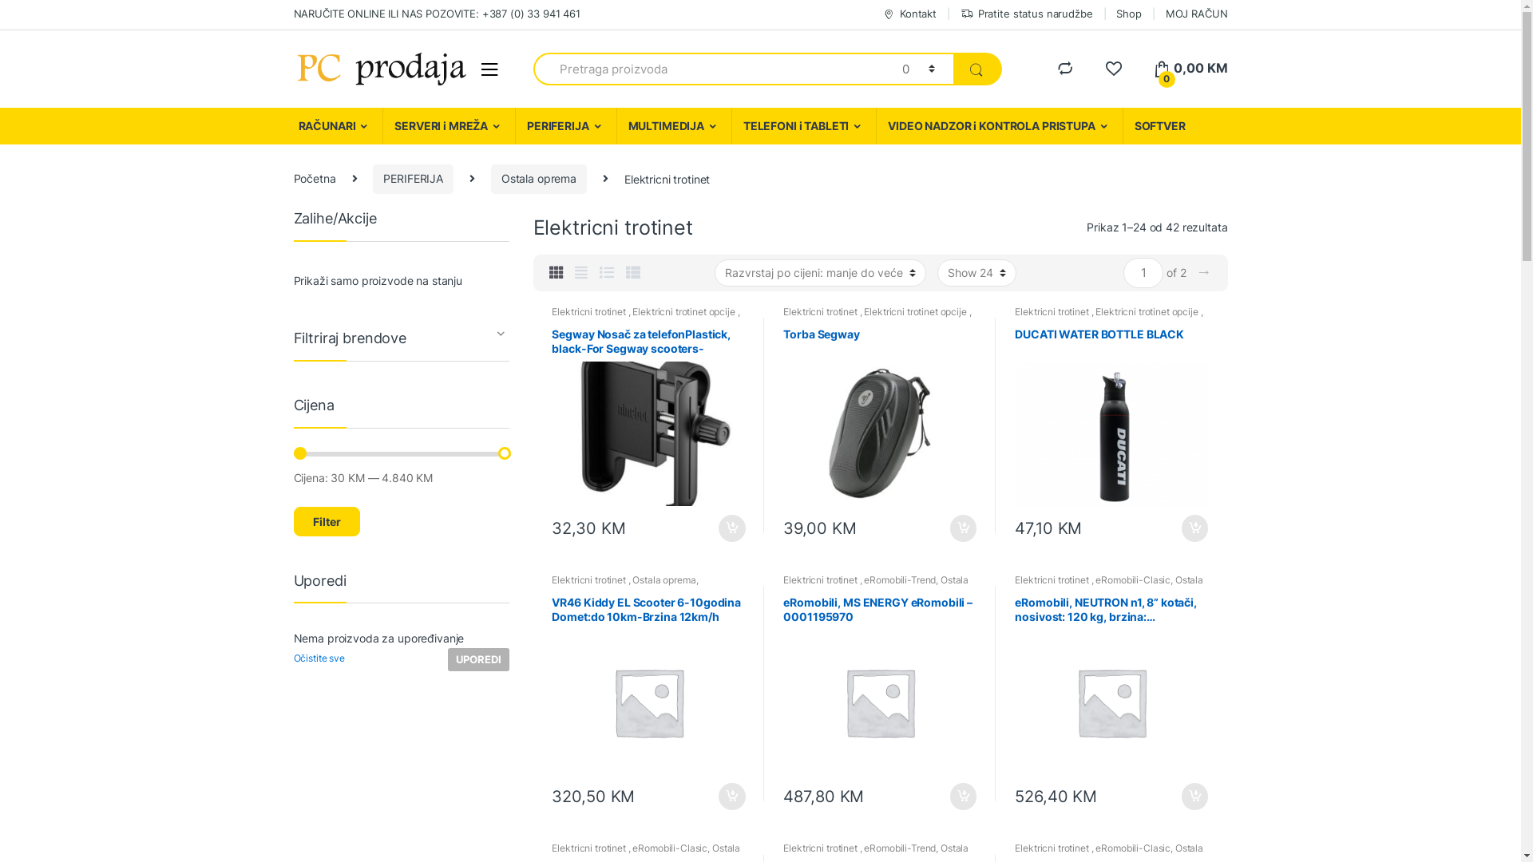 Image resolution: width=1533 pixels, height=862 pixels. I want to click on 'List View', so click(605, 272).